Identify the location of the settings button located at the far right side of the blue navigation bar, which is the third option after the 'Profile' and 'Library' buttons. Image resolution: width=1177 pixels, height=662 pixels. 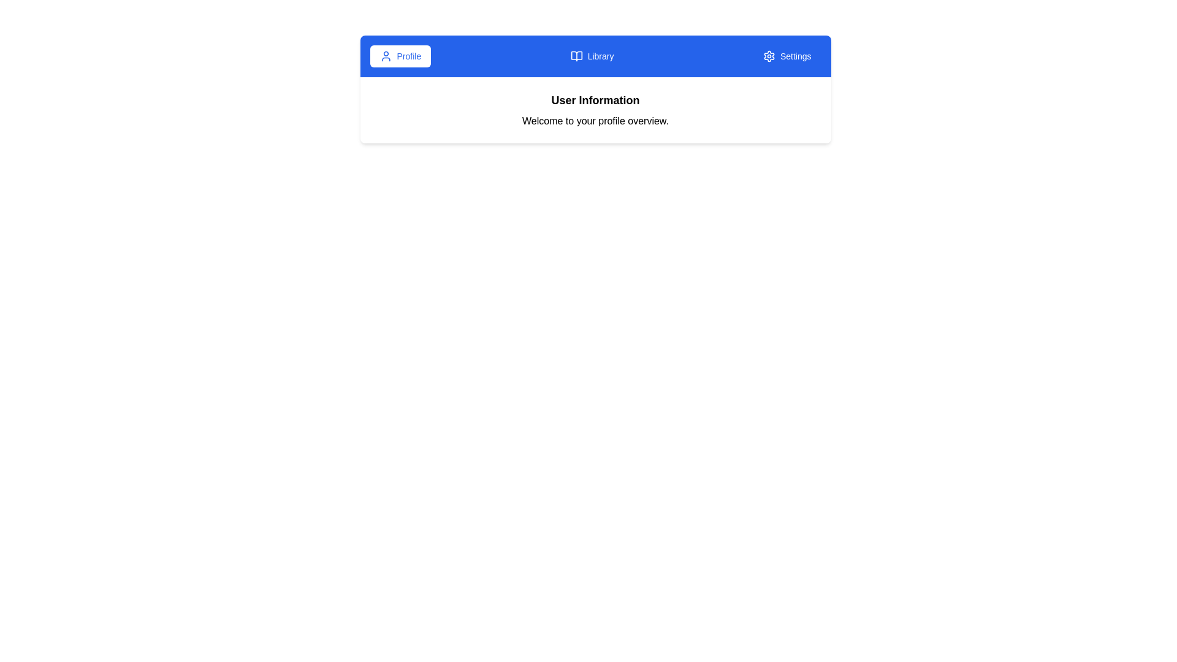
(787, 56).